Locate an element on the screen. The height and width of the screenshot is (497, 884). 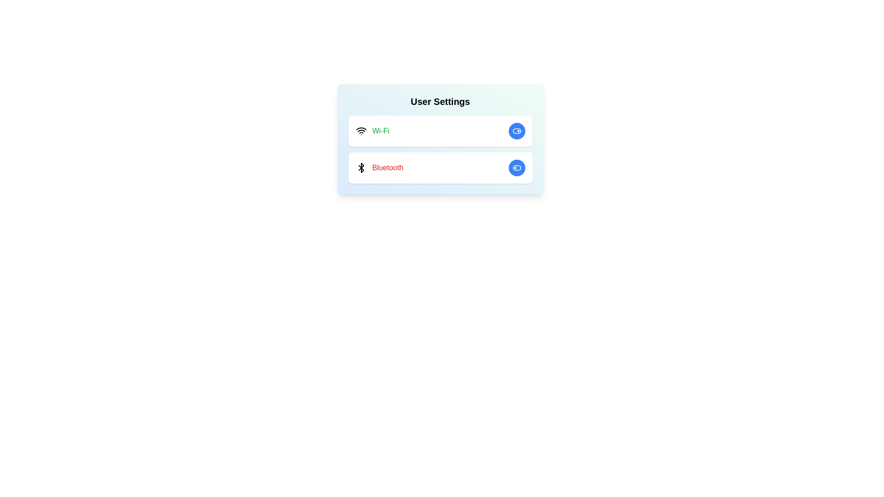
the Bluetooth toggle button to change its state is located at coordinates (517, 168).